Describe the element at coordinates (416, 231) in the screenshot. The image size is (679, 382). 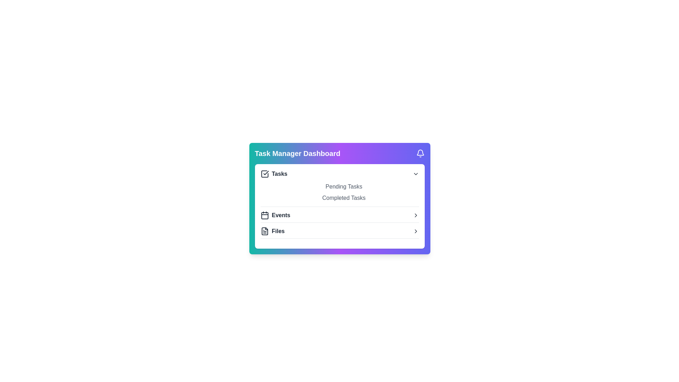
I see `the right-pointing chevron icon next to the 'Files' text` at that location.